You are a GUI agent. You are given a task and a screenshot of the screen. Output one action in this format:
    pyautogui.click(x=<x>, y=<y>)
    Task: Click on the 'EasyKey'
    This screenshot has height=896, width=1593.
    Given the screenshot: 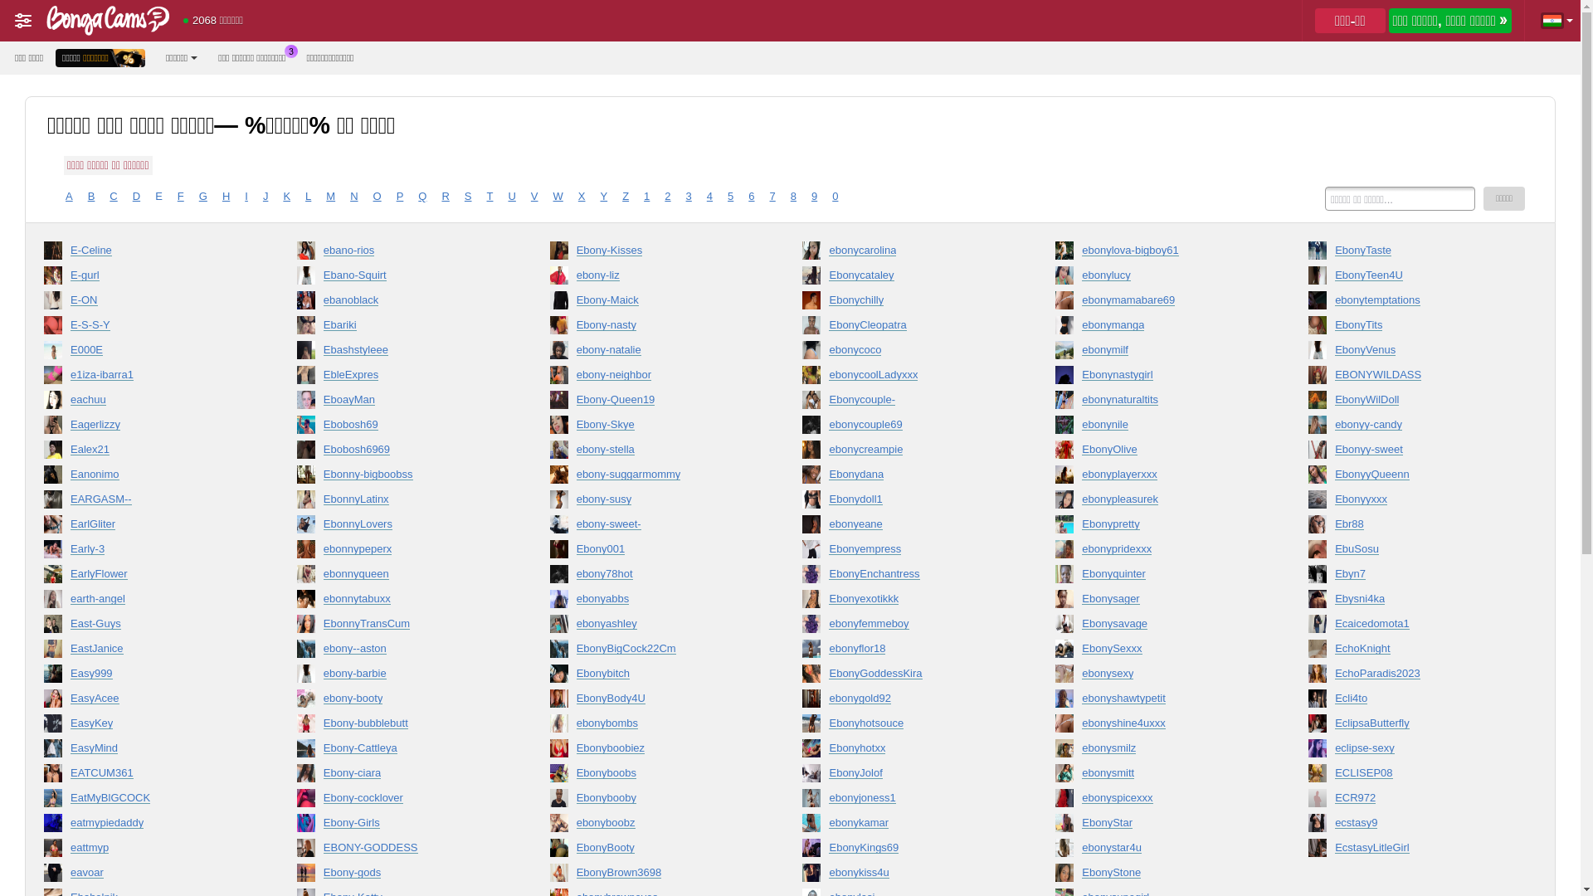 What is the action you would take?
    pyautogui.click(x=43, y=725)
    